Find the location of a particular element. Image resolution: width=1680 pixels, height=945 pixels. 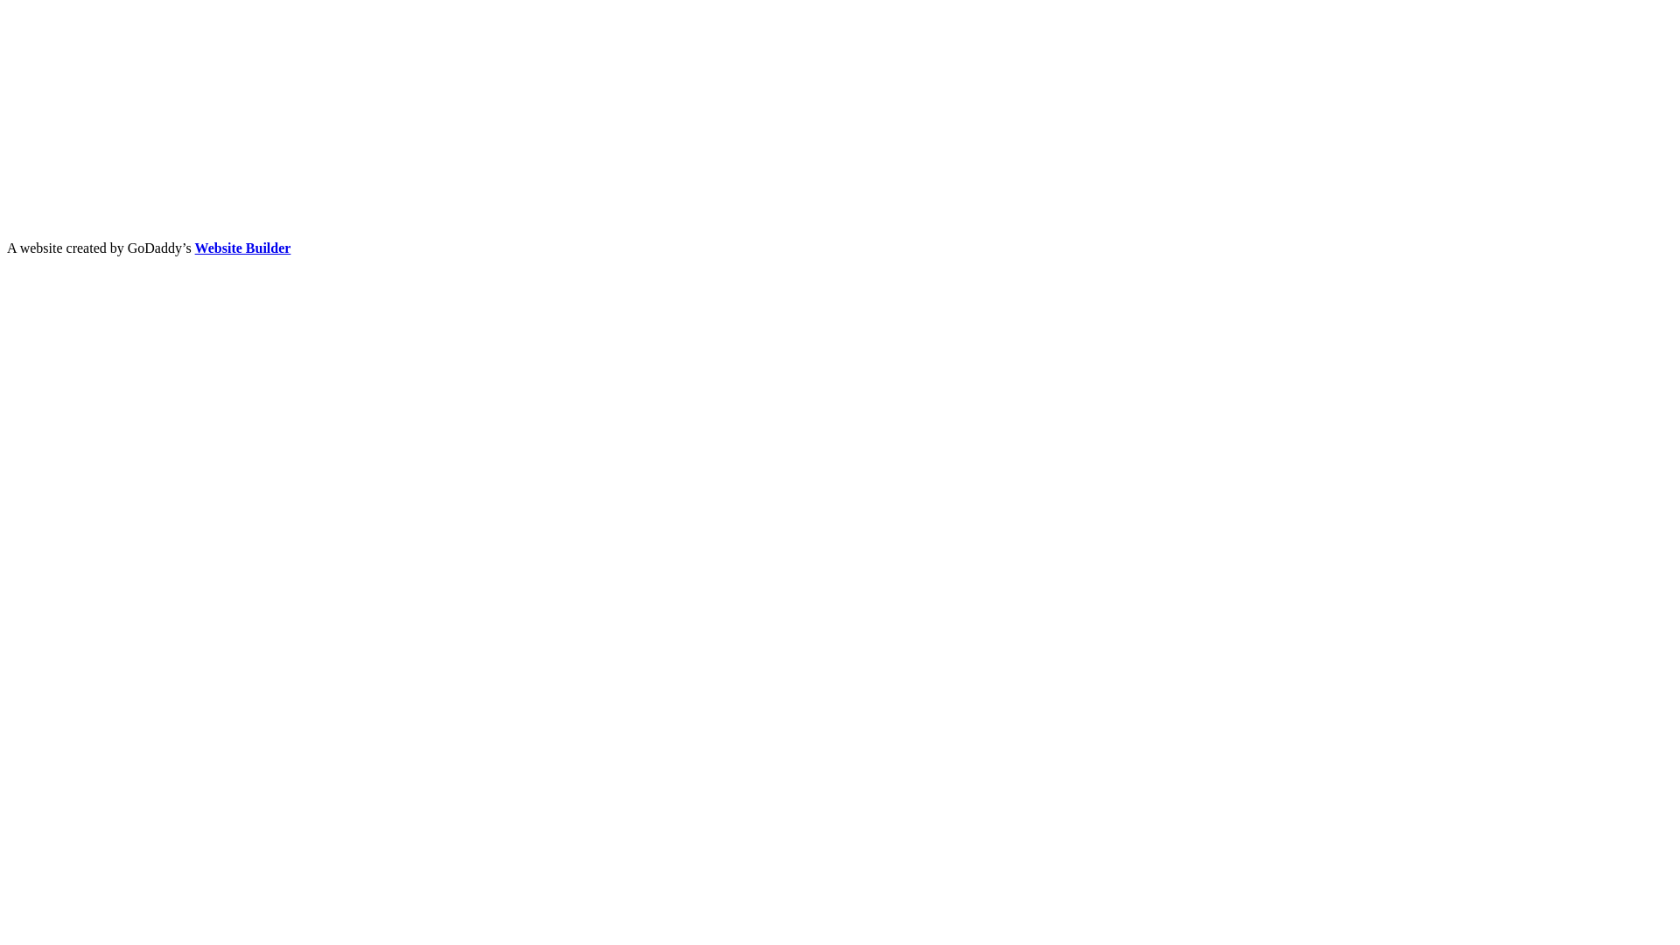

'Website Builder' is located at coordinates (242, 248).